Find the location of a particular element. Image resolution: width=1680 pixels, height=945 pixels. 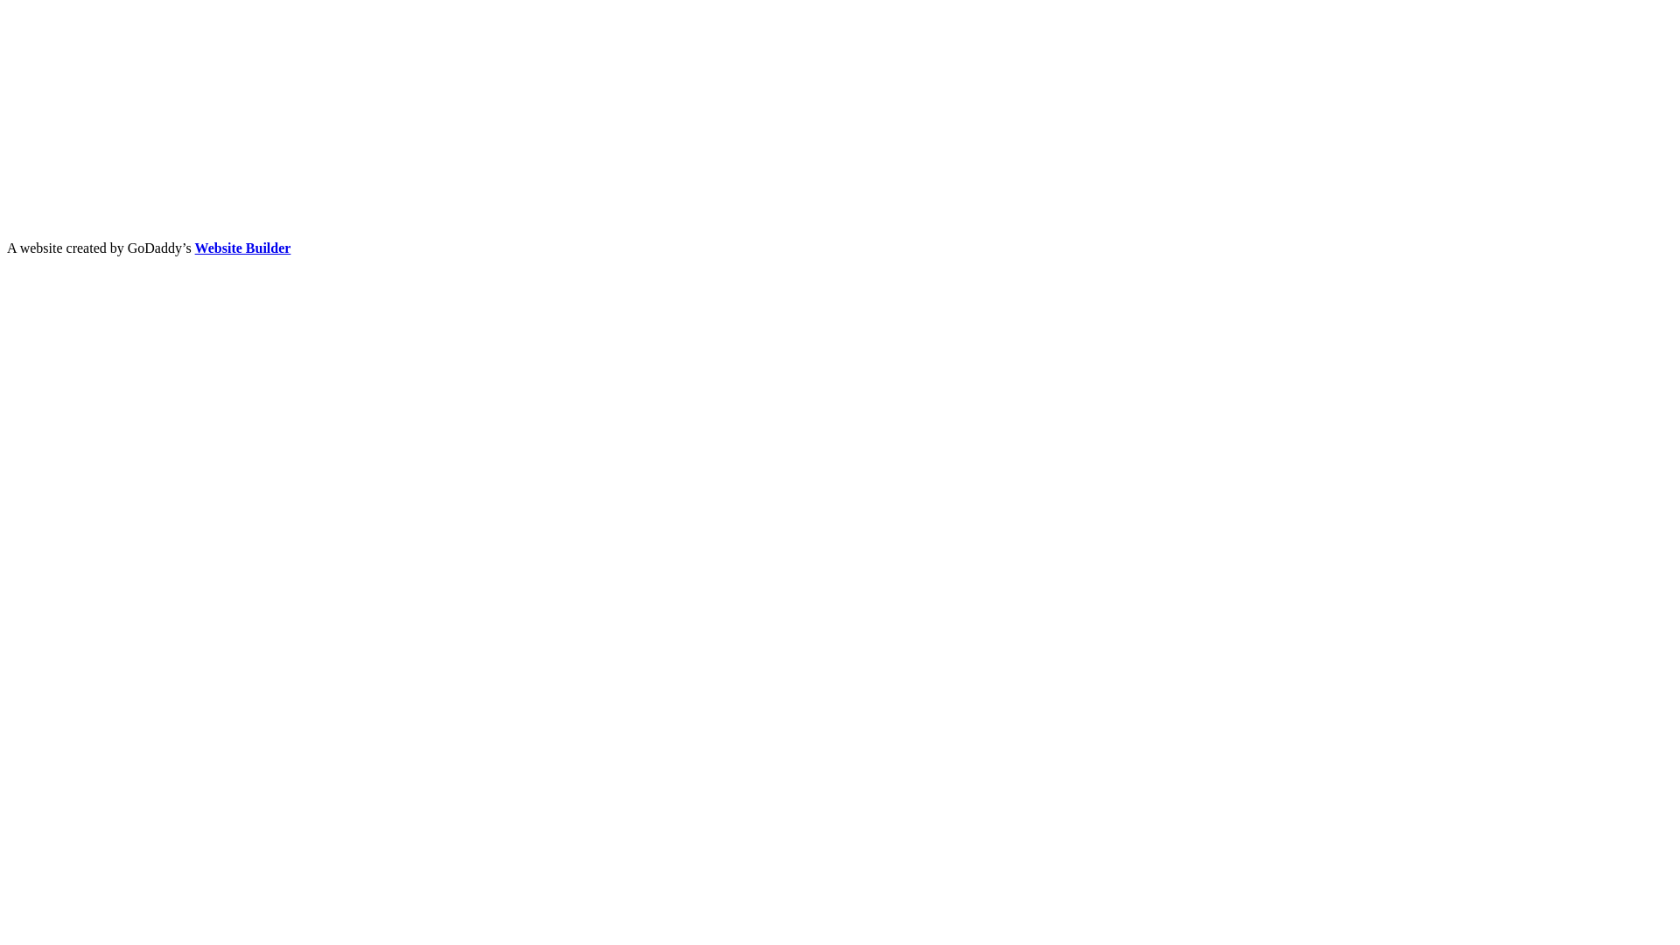

'Website Builder' is located at coordinates (242, 248).